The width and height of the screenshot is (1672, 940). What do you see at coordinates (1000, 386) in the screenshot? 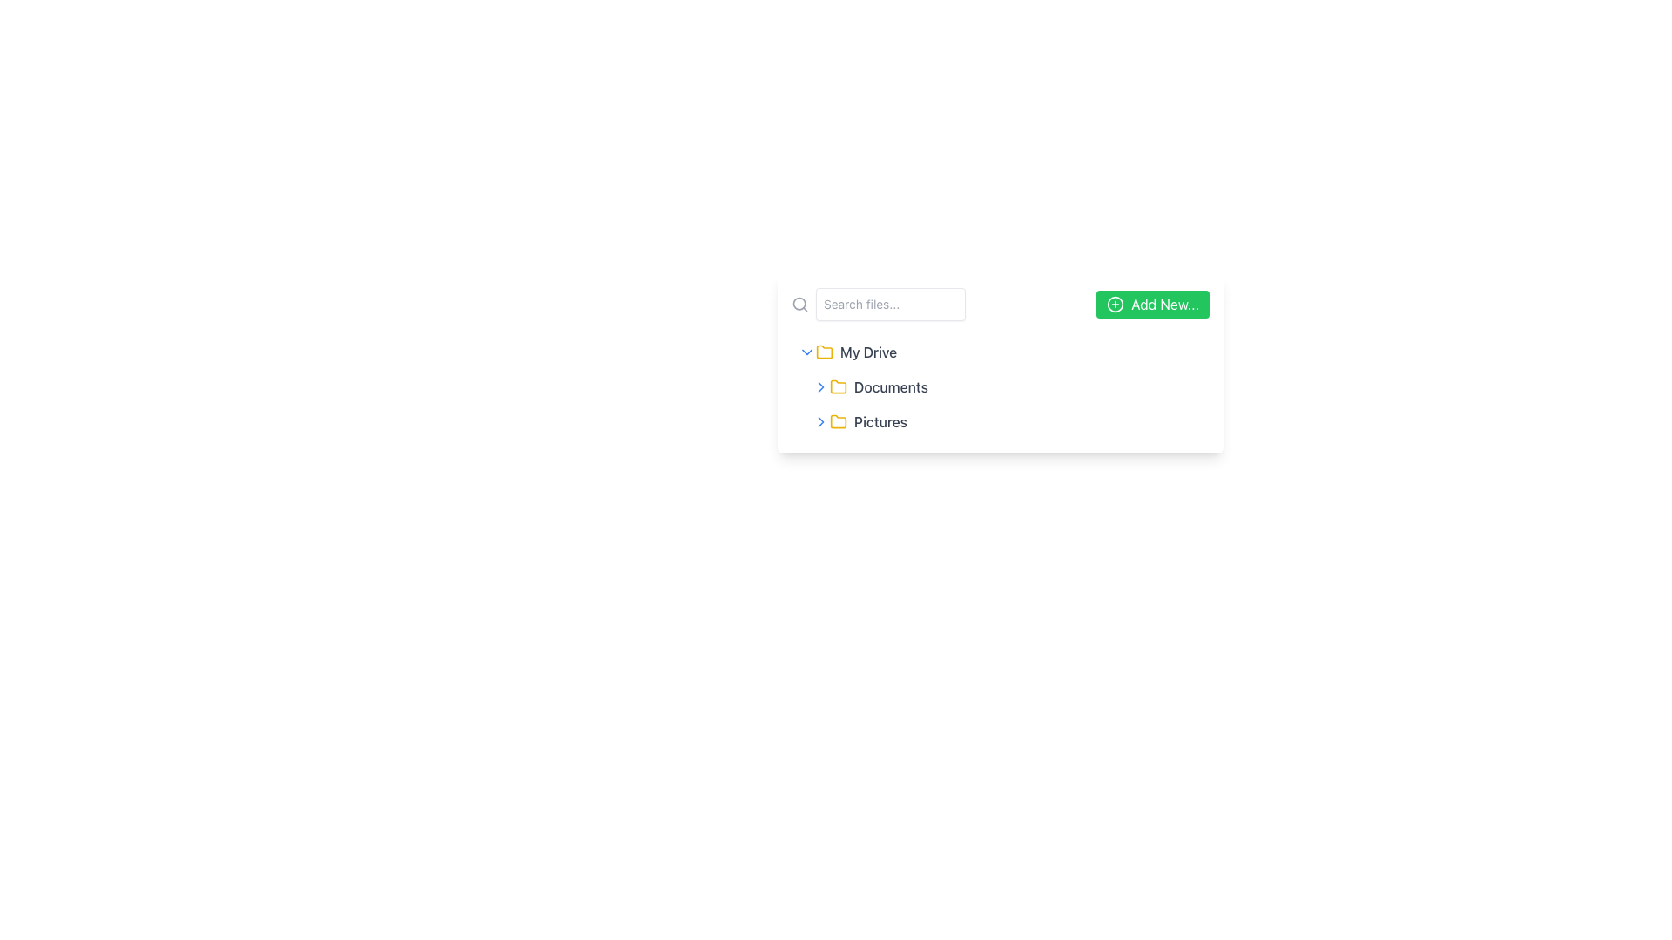
I see `the second entry` at bounding box center [1000, 386].